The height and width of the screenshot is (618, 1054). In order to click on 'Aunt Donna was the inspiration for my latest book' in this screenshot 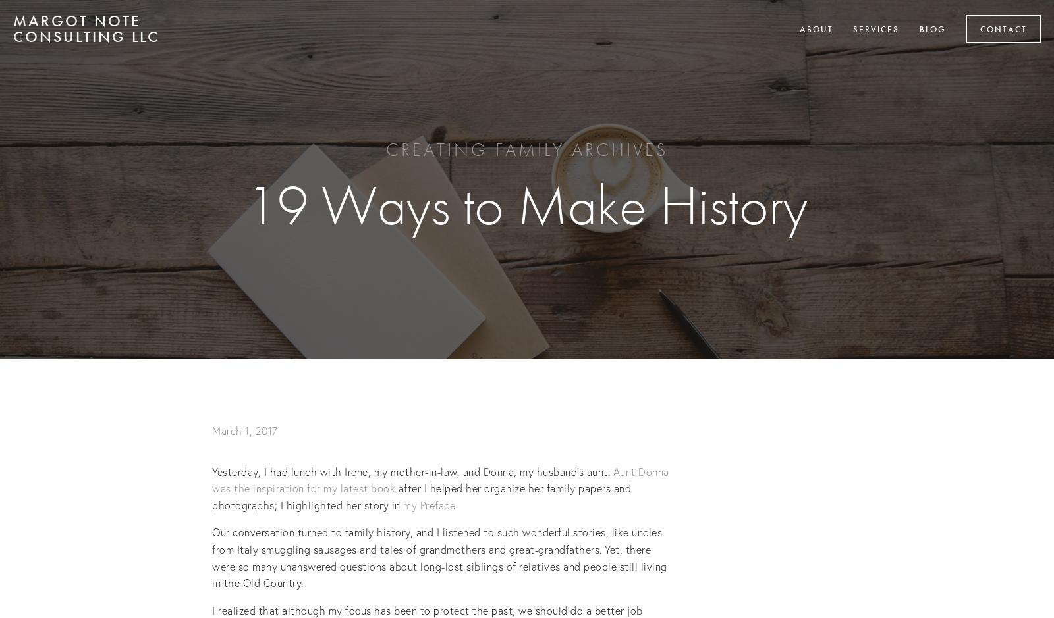, I will do `click(442, 479)`.